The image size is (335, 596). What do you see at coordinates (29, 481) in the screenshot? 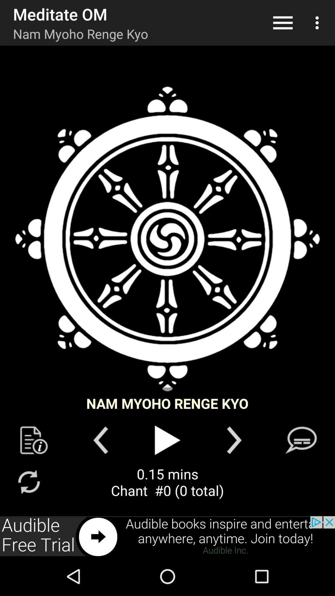
I see `the refresh icon` at bounding box center [29, 481].